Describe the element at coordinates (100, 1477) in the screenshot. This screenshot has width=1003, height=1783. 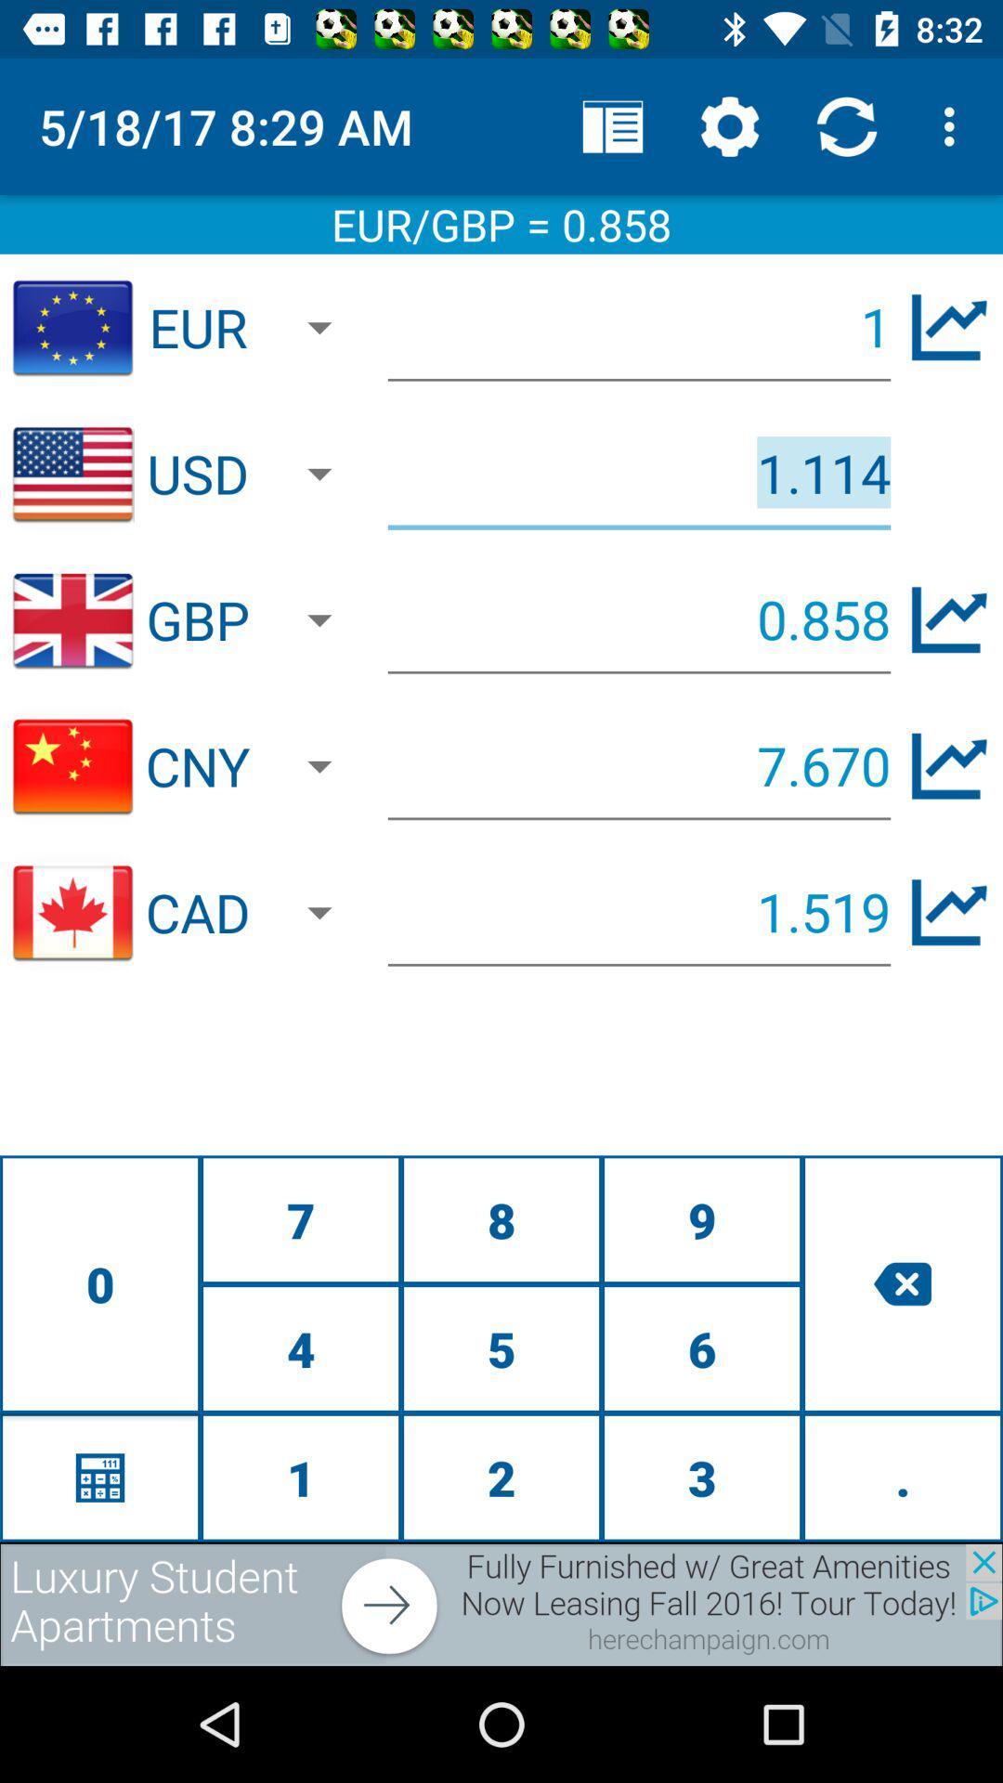
I see `calculator icon` at that location.